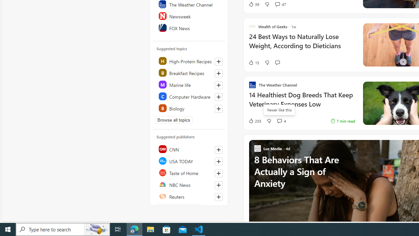  I want to click on 'FOX News', so click(189, 27).